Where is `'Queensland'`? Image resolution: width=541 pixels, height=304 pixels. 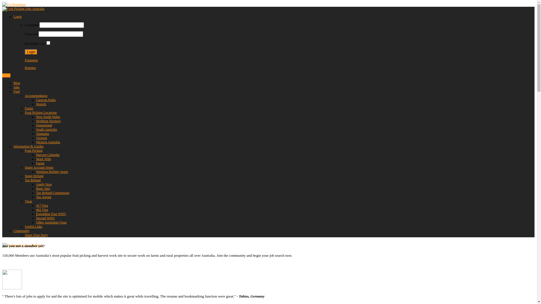
'Queensland' is located at coordinates (44, 125).